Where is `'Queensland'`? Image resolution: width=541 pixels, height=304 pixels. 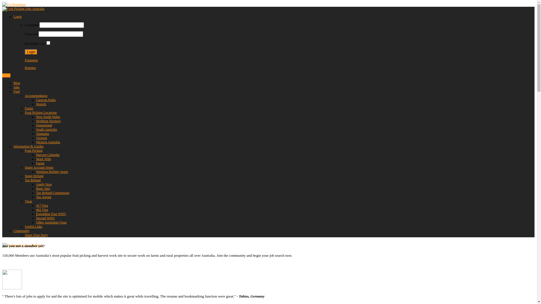
'Queensland' is located at coordinates (44, 125).